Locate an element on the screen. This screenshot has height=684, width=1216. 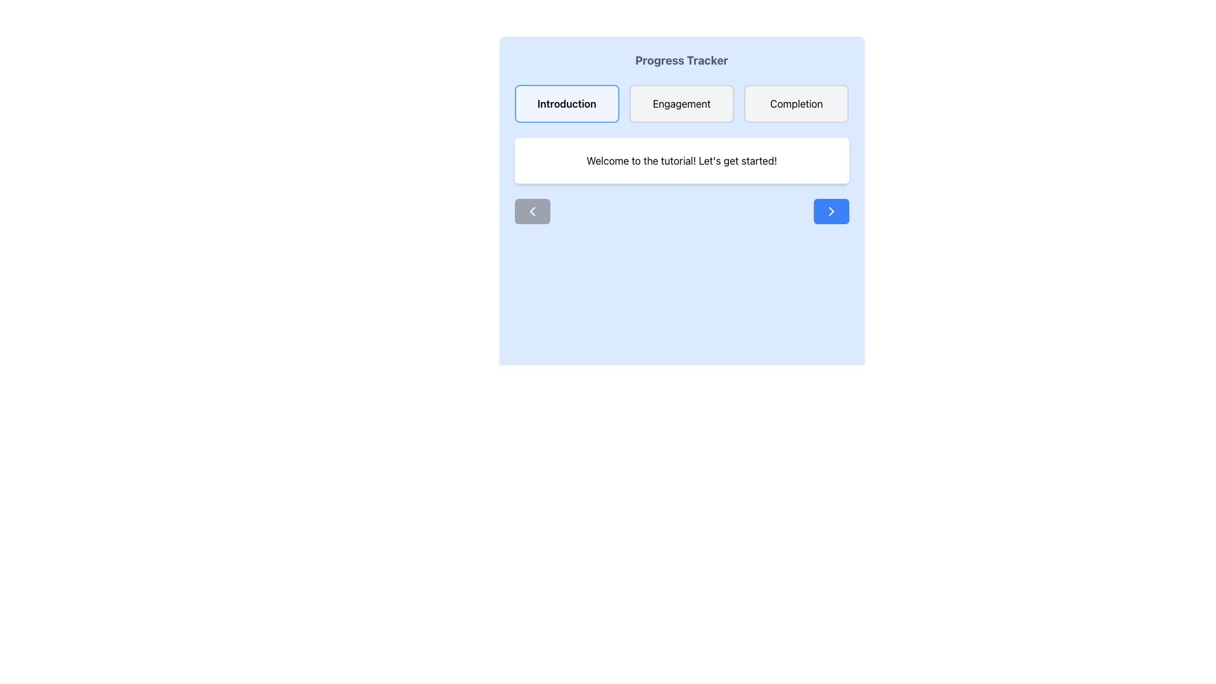
the blue button with white text and a right-facing arrow icon, located on the far-right side of the interface is located at coordinates (831, 211).